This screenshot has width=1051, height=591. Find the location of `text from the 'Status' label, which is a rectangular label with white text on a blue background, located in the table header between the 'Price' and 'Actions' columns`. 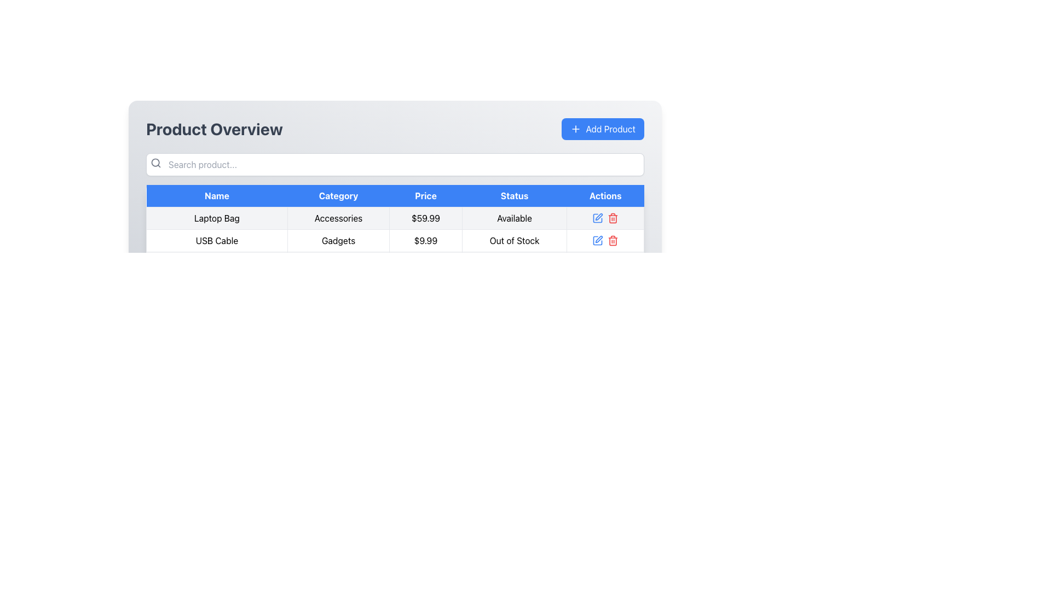

text from the 'Status' label, which is a rectangular label with white text on a blue background, located in the table header between the 'Price' and 'Actions' columns is located at coordinates (514, 195).